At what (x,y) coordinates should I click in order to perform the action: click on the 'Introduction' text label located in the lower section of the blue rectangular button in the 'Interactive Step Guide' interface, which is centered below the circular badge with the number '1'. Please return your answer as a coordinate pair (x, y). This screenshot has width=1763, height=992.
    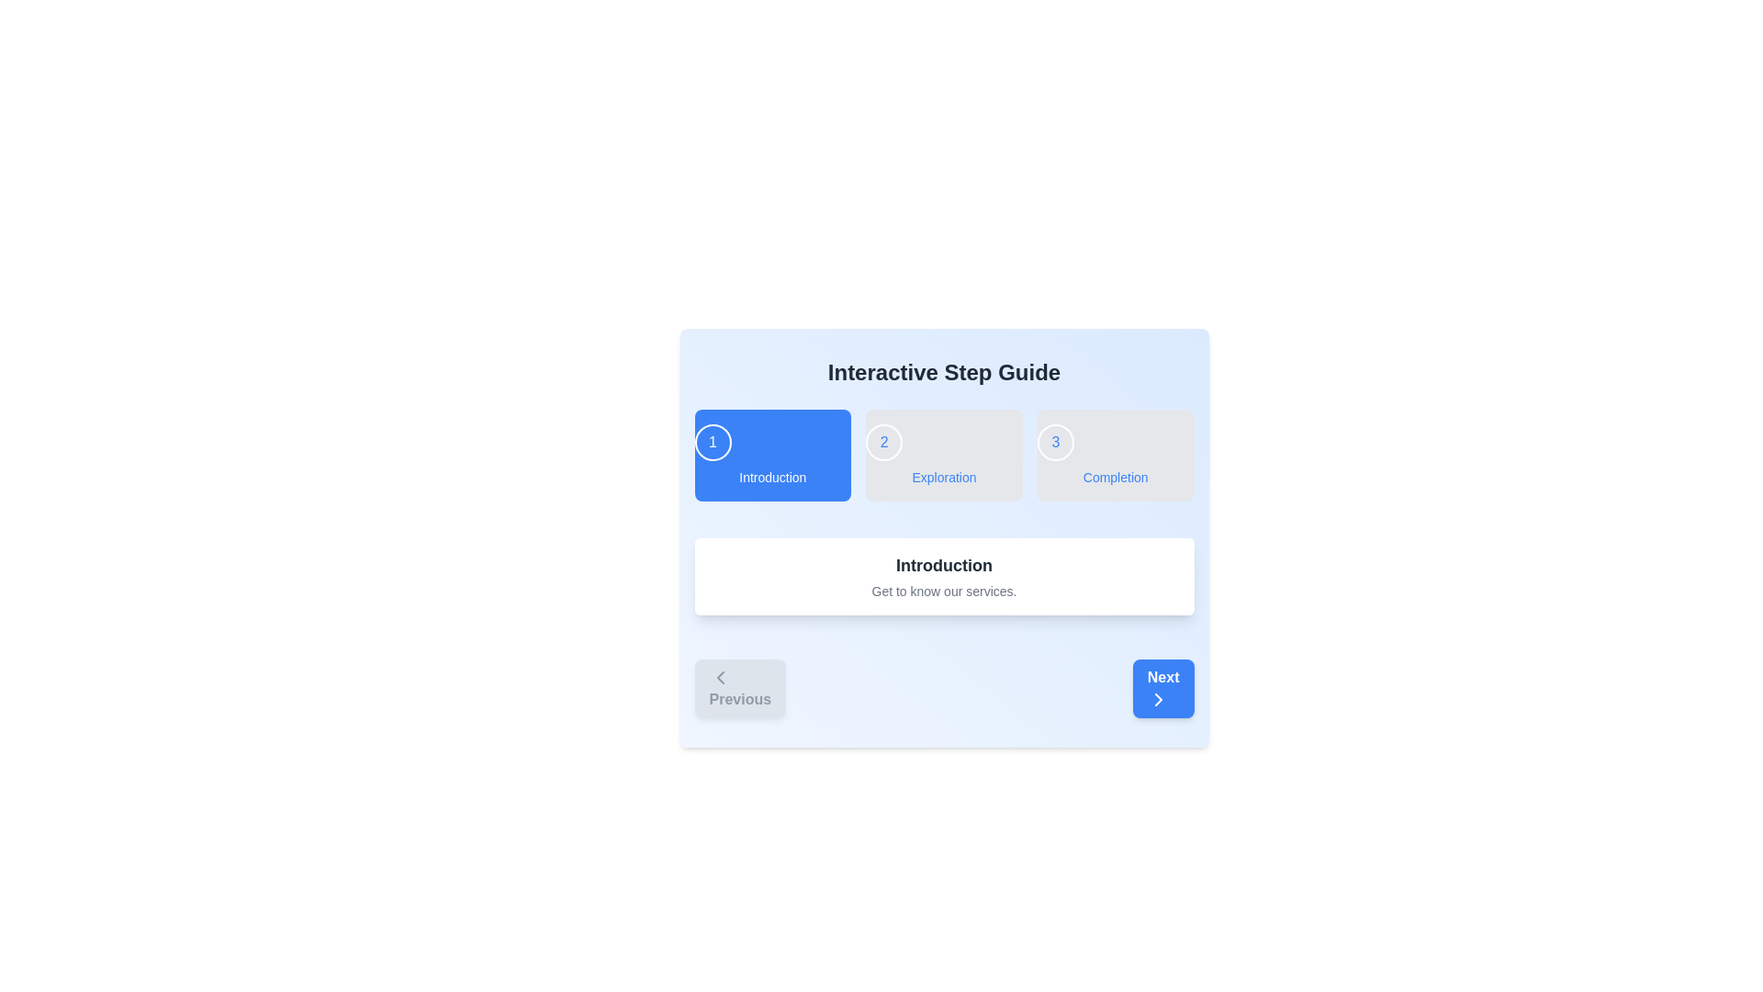
    Looking at the image, I should click on (772, 477).